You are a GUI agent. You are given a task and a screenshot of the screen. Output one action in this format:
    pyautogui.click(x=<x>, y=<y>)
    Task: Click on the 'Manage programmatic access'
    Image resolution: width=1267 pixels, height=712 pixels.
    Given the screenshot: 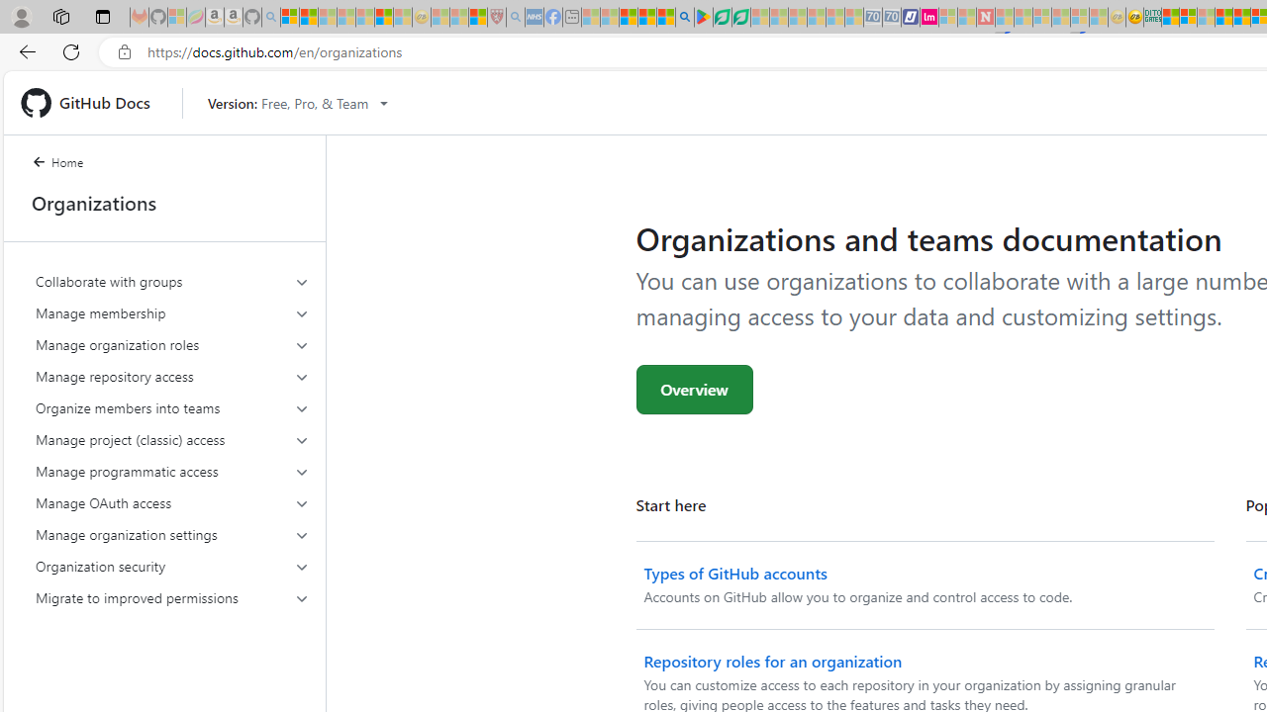 What is the action you would take?
    pyautogui.click(x=172, y=472)
    